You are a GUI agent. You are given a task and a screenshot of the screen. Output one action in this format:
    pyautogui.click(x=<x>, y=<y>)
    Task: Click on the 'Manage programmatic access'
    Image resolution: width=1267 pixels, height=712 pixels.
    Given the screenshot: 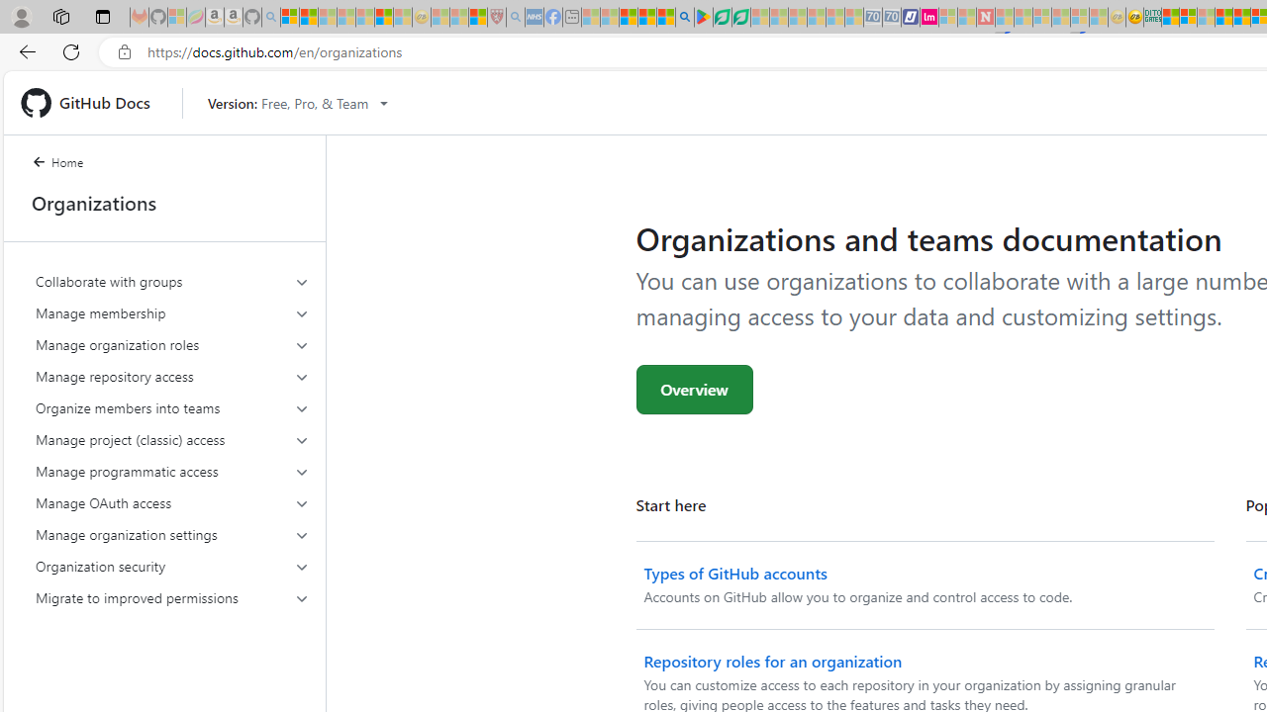 What is the action you would take?
    pyautogui.click(x=172, y=472)
    